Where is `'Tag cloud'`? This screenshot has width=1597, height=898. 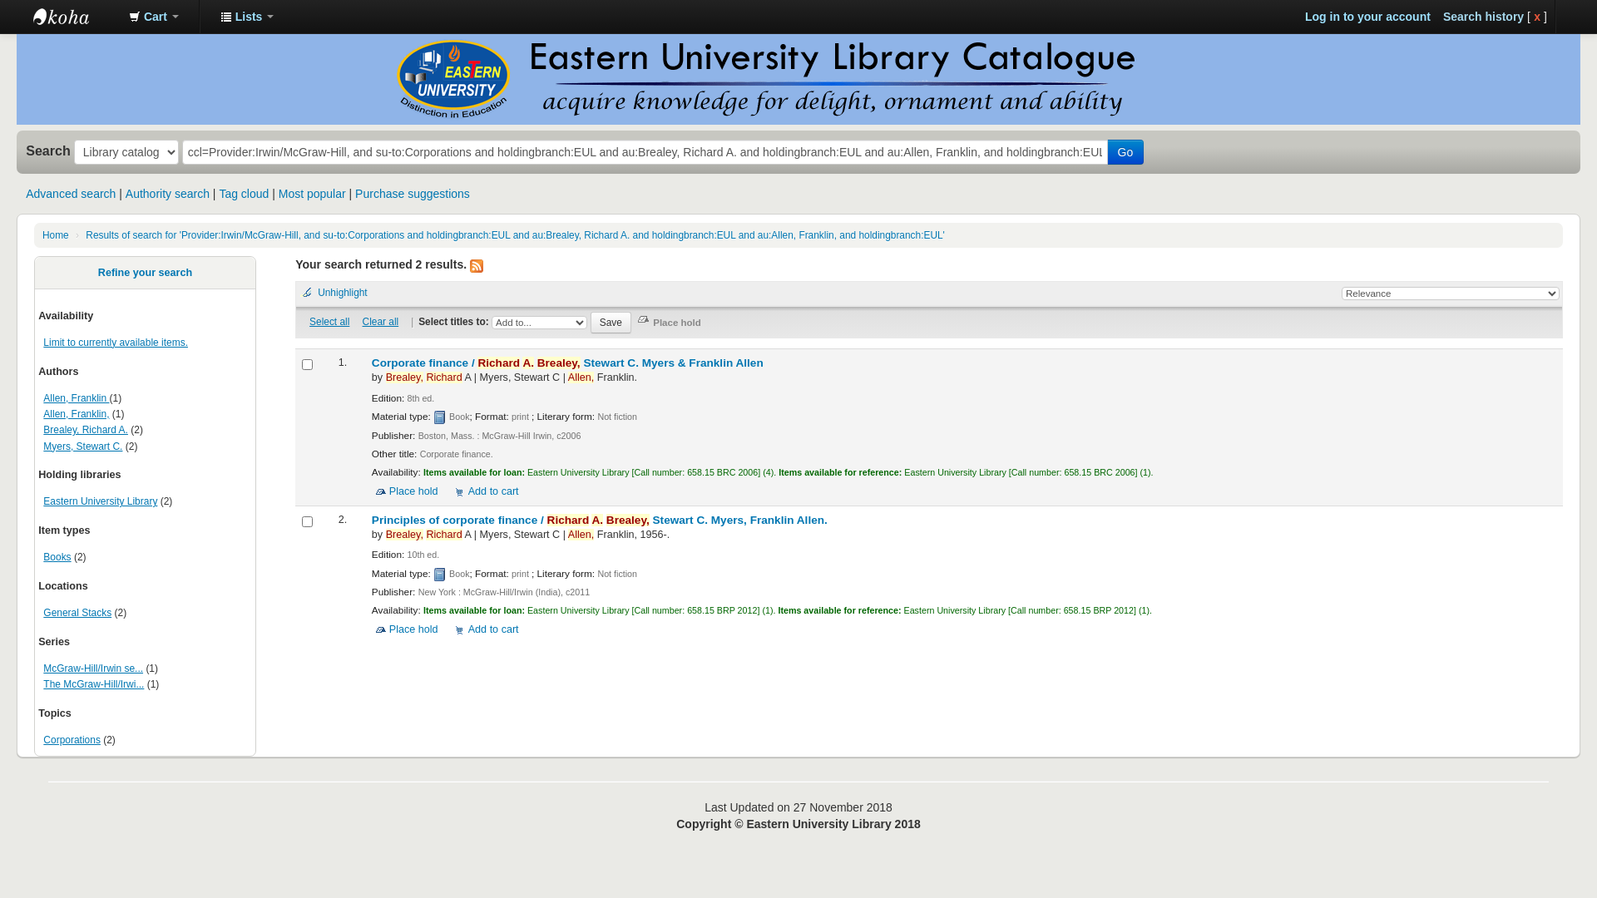
'Tag cloud' is located at coordinates (218, 192).